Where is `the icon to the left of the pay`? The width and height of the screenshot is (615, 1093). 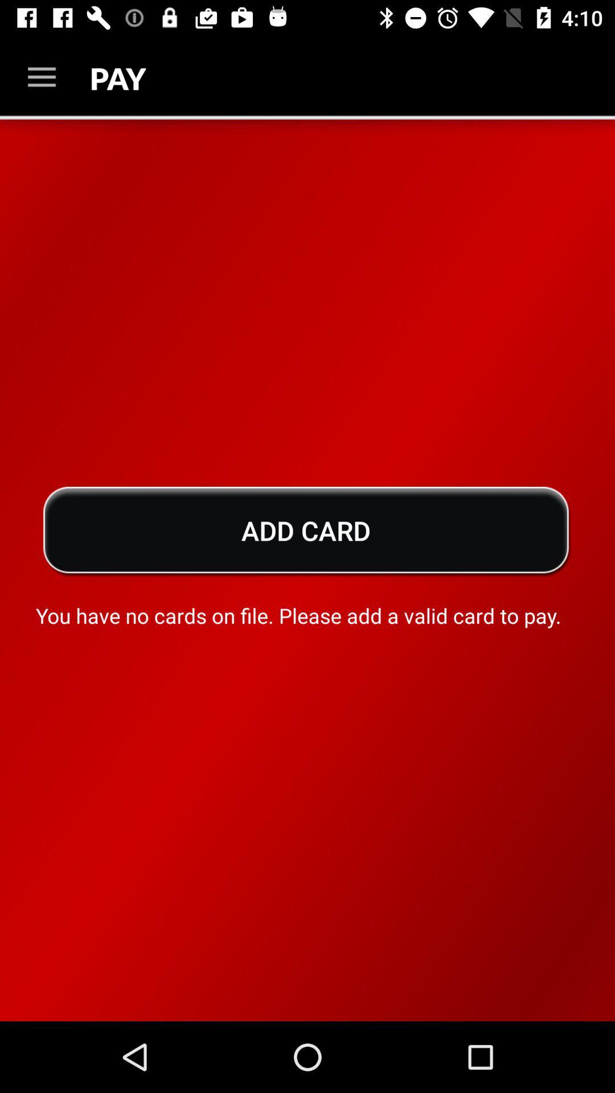
the icon to the left of the pay is located at coordinates (41, 77).